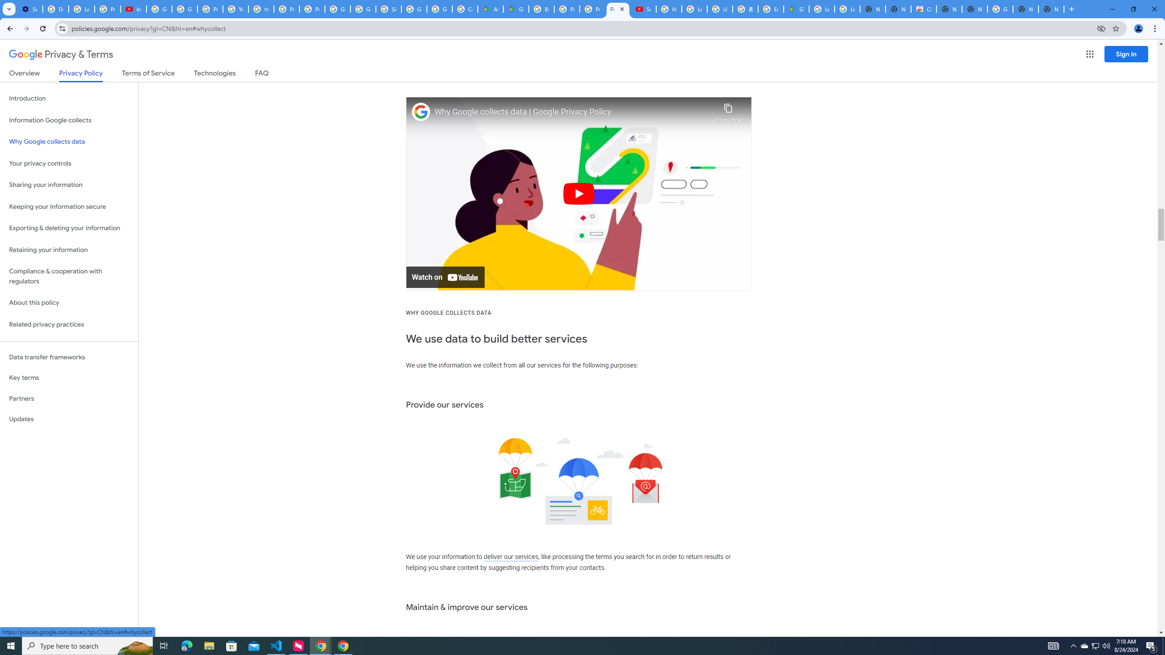  What do you see at coordinates (566, 9) in the screenshot?
I see `'Privacy Help Center - Policies Help'` at bounding box center [566, 9].